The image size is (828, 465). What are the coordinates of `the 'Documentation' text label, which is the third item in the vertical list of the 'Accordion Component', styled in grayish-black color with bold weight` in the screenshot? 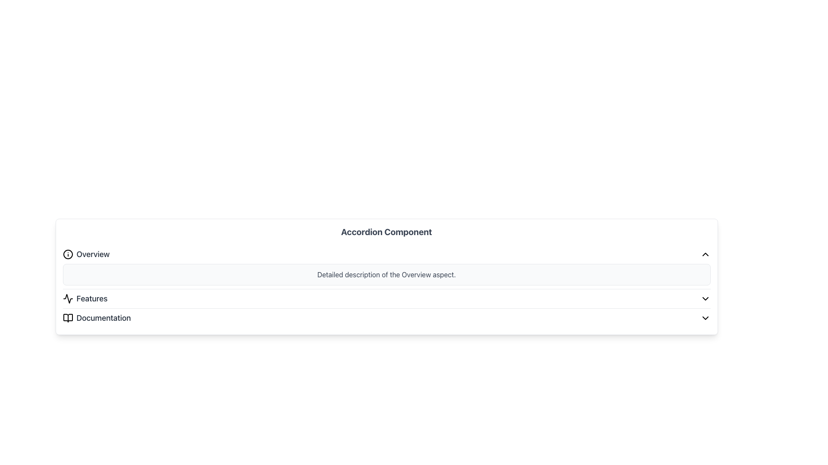 It's located at (103, 318).